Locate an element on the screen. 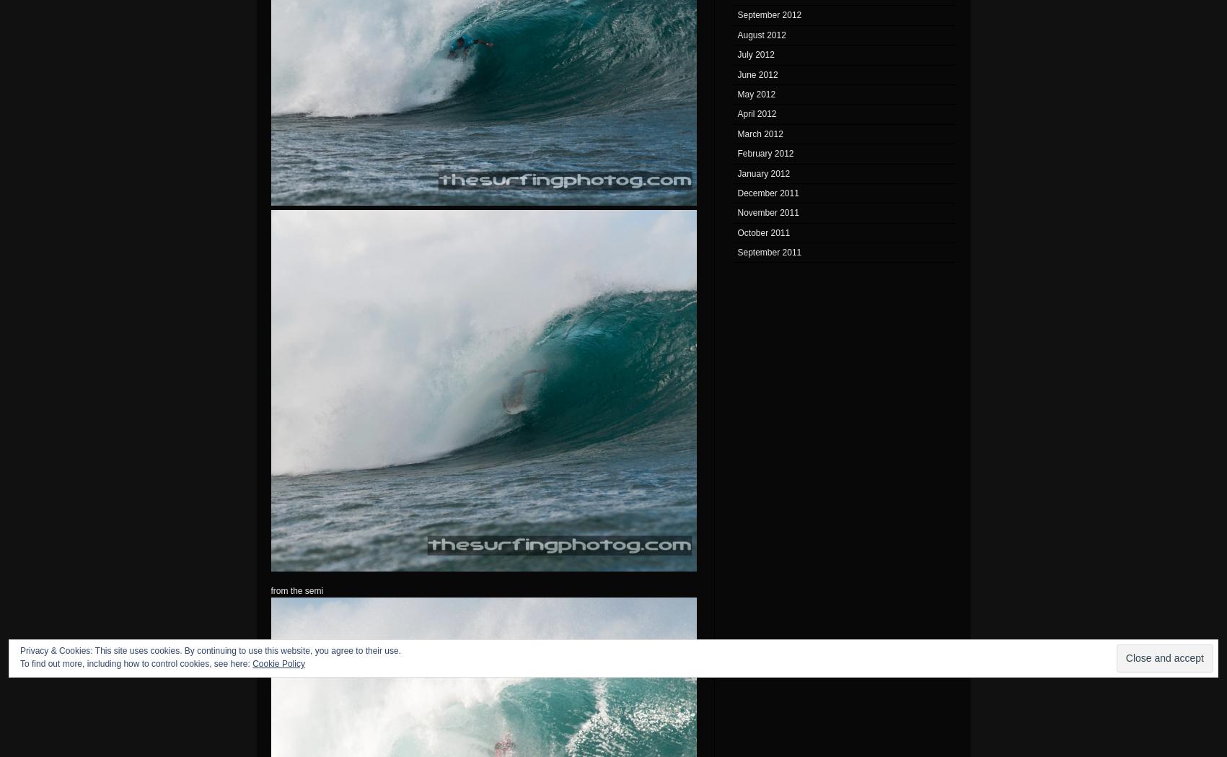 The height and width of the screenshot is (757, 1227). 'from the semi' is located at coordinates (270, 590).